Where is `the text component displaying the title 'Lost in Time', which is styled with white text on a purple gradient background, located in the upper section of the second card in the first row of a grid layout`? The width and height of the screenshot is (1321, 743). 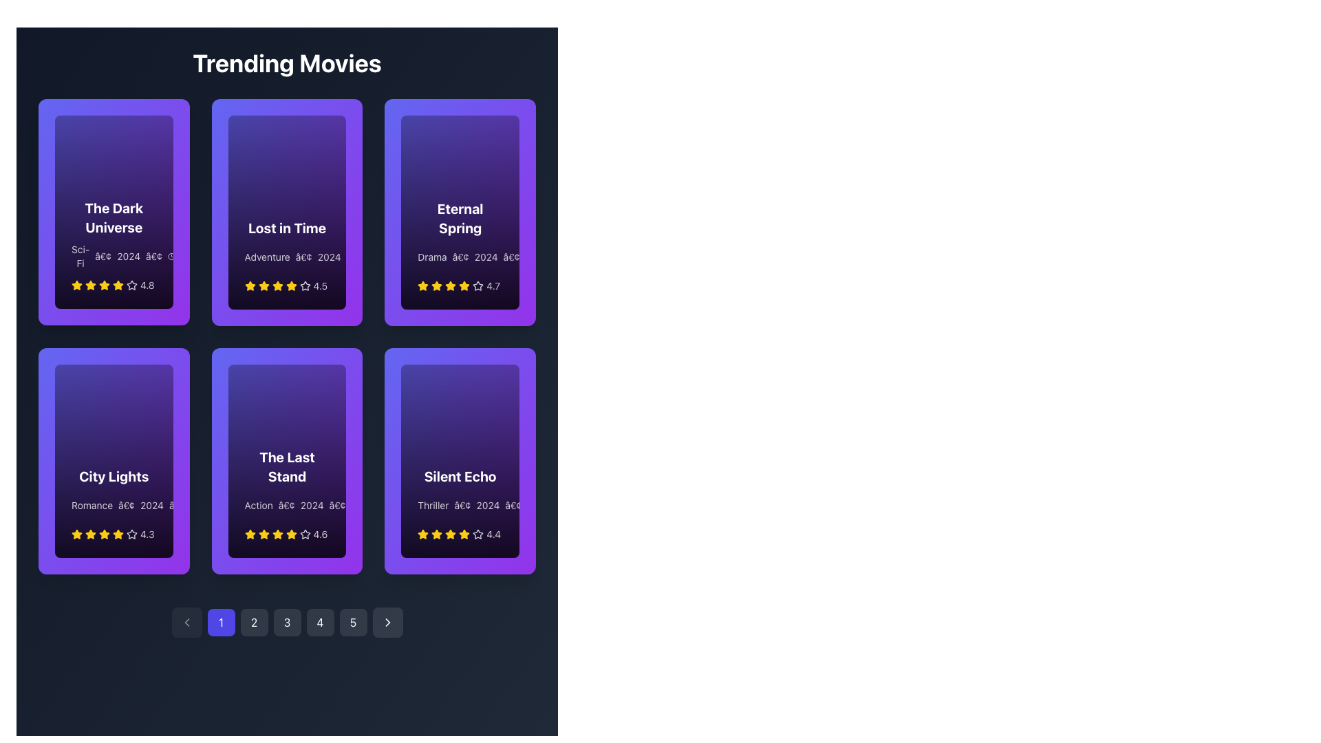
the text component displaying the title 'Lost in Time', which is styled with white text on a purple gradient background, located in the upper section of the second card in the first row of a grid layout is located at coordinates (286, 227).